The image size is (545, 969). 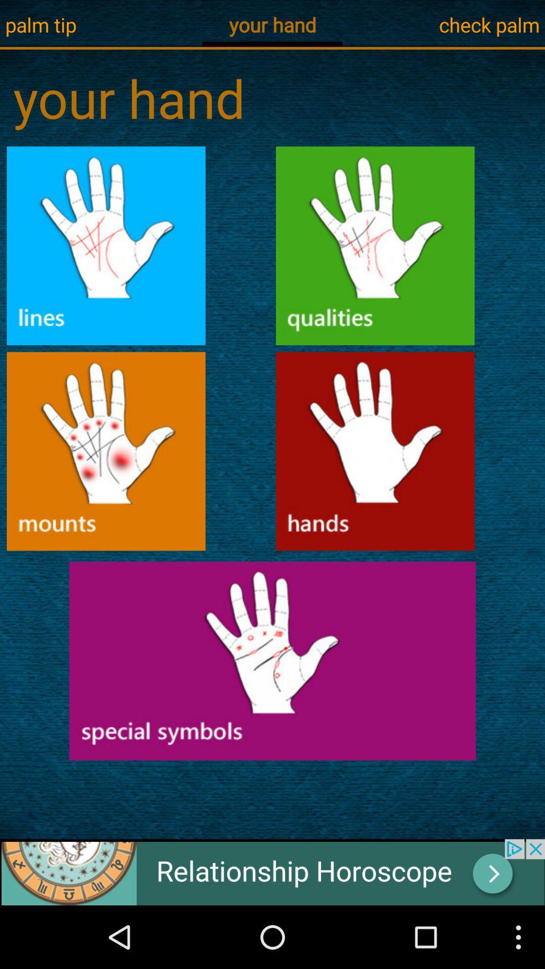 I want to click on choose special symbols, so click(x=272, y=661).